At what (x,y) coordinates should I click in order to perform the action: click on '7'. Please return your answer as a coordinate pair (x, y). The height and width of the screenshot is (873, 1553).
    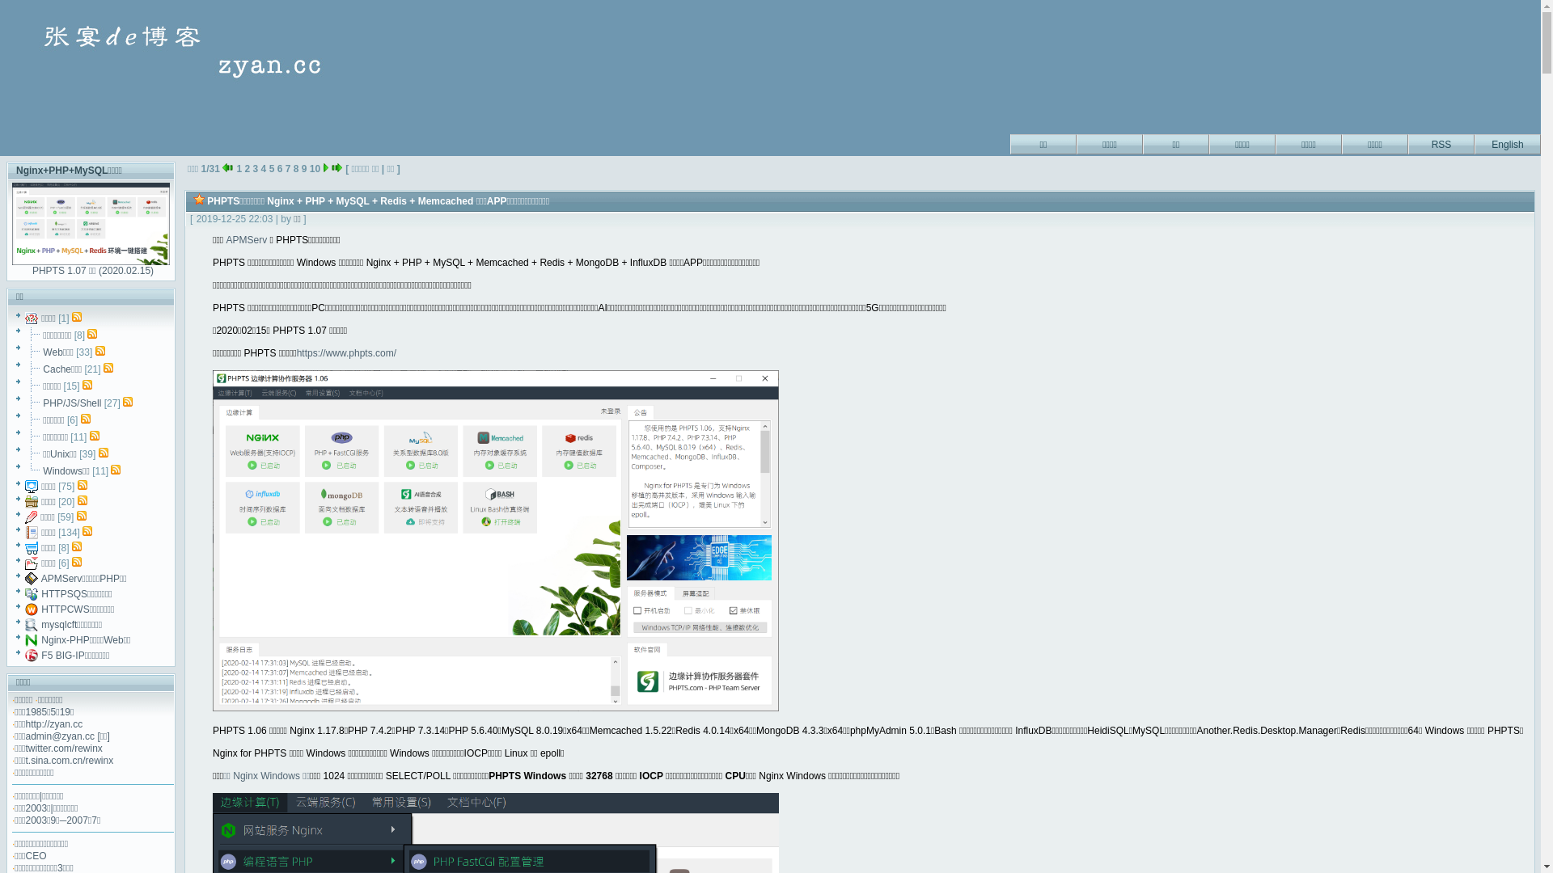
    Looking at the image, I should click on (288, 168).